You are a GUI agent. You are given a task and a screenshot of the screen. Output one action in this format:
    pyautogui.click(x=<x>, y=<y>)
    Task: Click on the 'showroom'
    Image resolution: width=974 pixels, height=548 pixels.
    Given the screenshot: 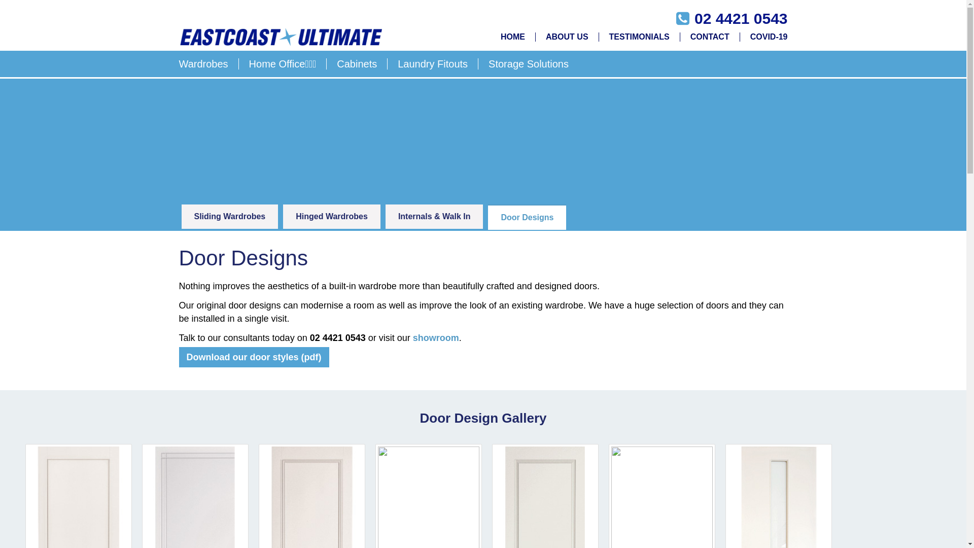 What is the action you would take?
    pyautogui.click(x=436, y=338)
    